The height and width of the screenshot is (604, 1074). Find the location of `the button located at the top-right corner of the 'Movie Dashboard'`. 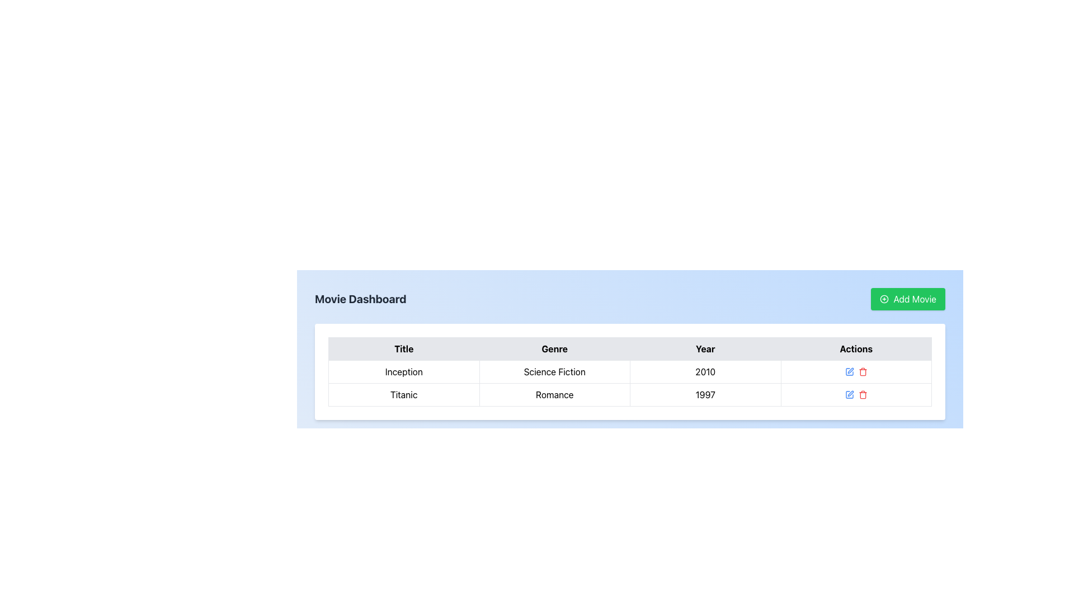

the button located at the top-right corner of the 'Movie Dashboard' is located at coordinates (908, 299).